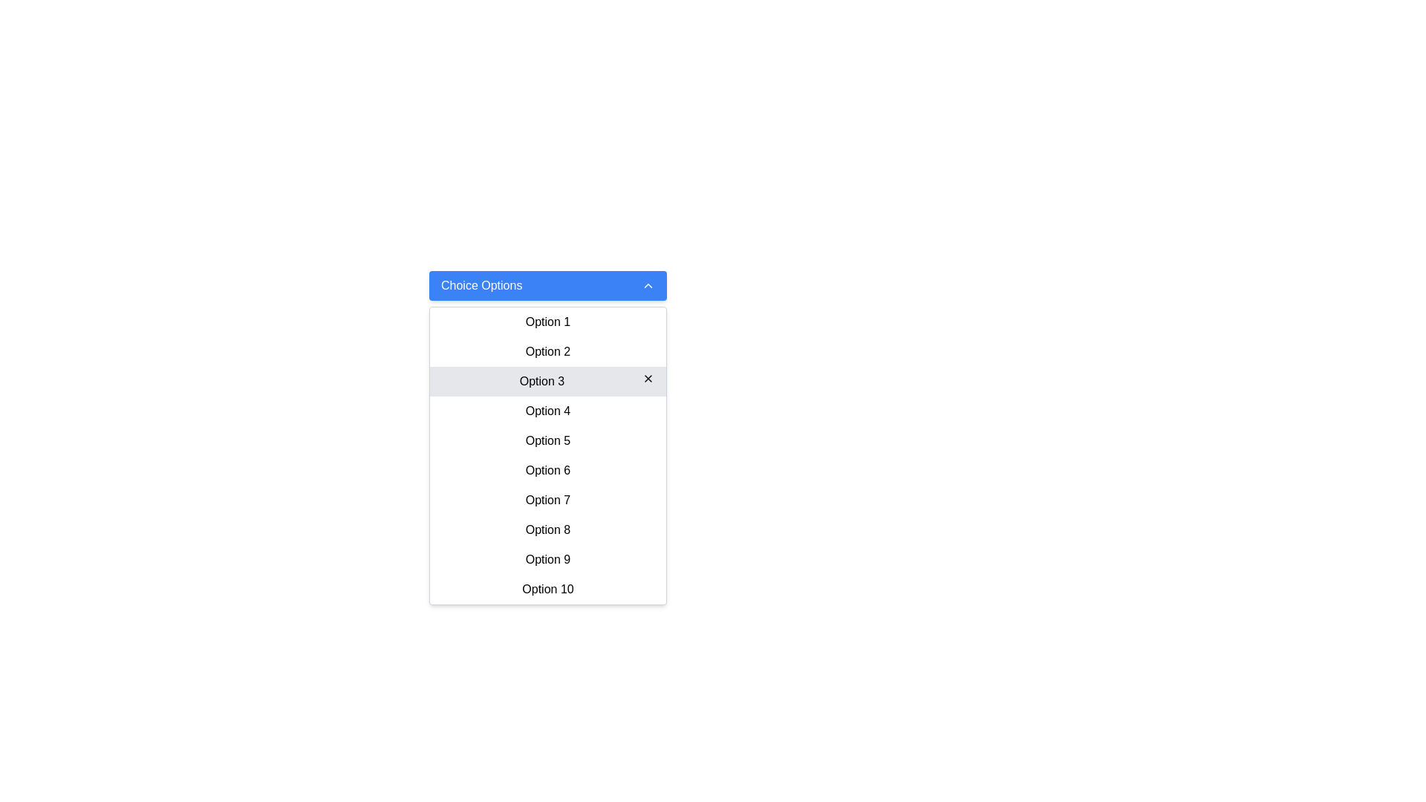 This screenshot has width=1426, height=802. I want to click on the 'Option 7' item in the dropdown menu, so click(547, 501).